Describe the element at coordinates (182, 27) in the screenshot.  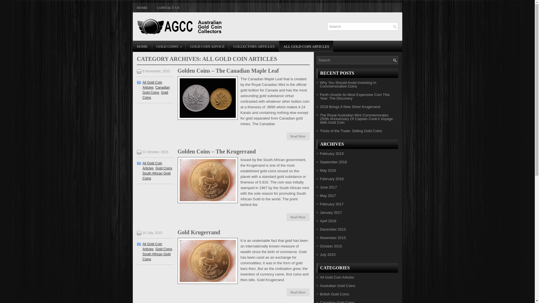
I see `'Australian Gold Coin Collectors'` at that location.